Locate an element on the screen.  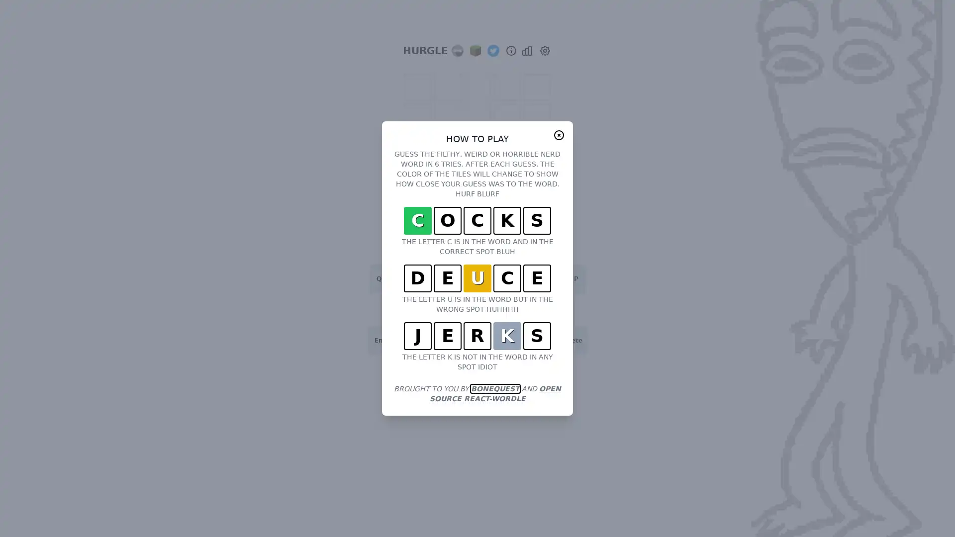
T is located at coordinates (466, 278).